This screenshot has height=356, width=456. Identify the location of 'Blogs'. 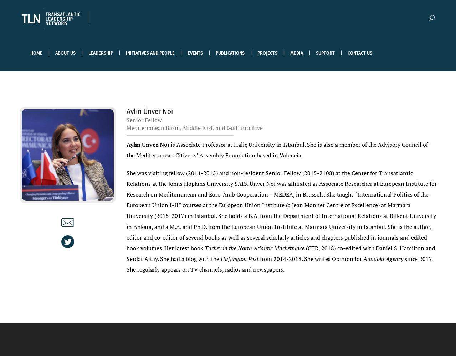
(220, 102).